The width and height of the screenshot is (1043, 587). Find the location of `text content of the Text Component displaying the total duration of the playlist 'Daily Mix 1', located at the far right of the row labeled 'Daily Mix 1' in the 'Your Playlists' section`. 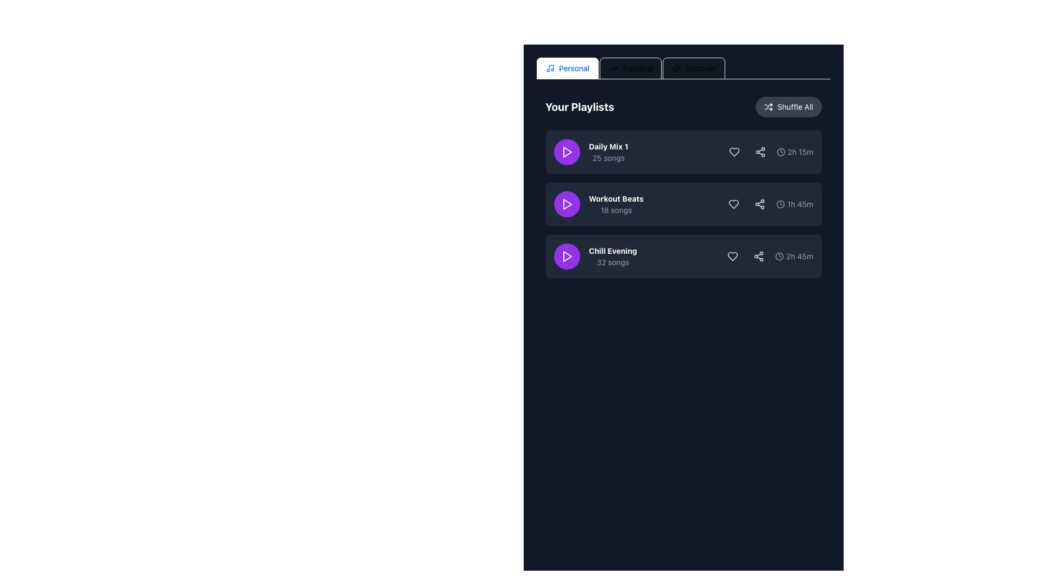

text content of the Text Component displaying the total duration of the playlist 'Daily Mix 1', located at the far right of the row labeled 'Daily Mix 1' in the 'Your Playlists' section is located at coordinates (800, 152).